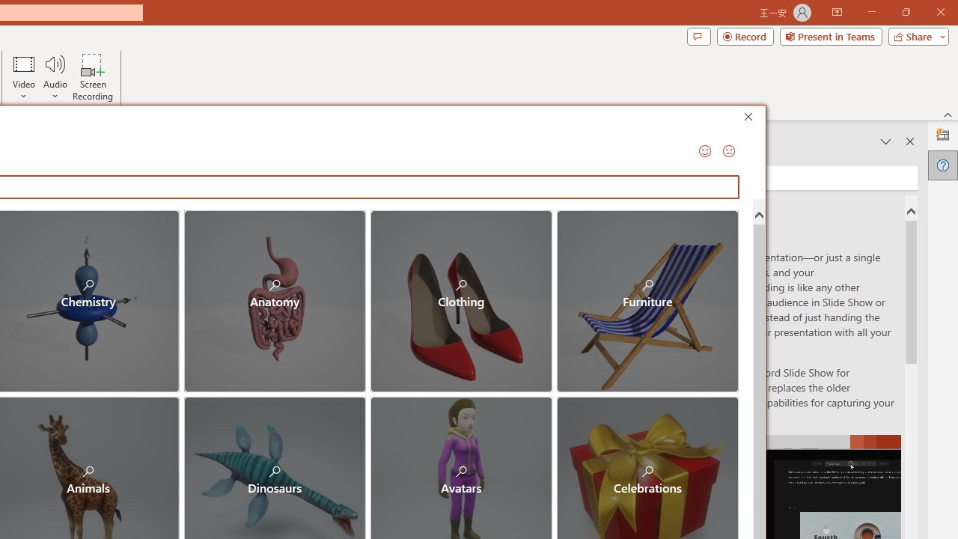 This screenshot has height=539, width=958. I want to click on 'Screen Recording...', so click(92, 77).